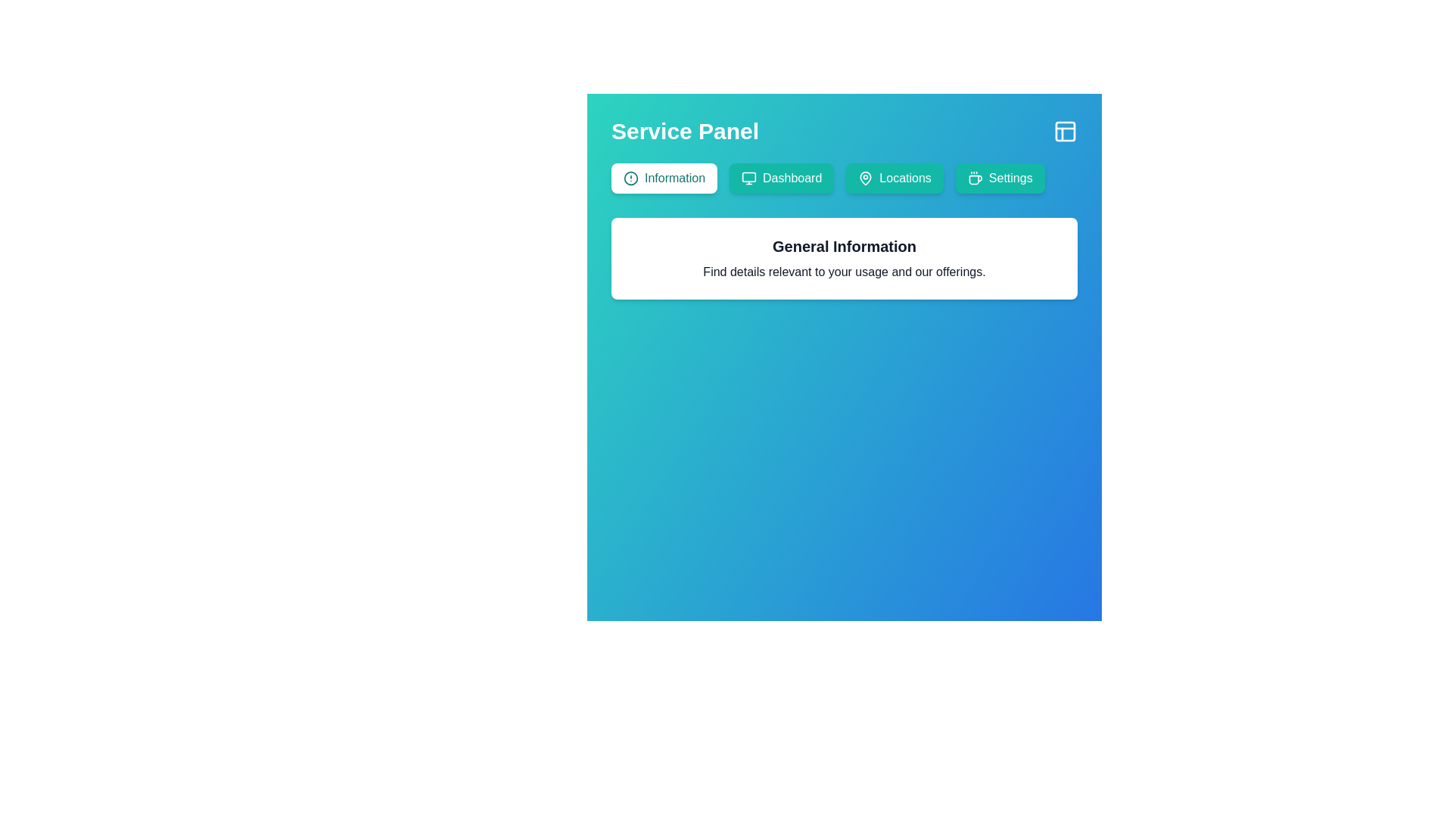 The image size is (1453, 817). Describe the element at coordinates (749, 177) in the screenshot. I see `the 'Dashboard' button which contains the graphical icon representing monitor functionality` at that location.